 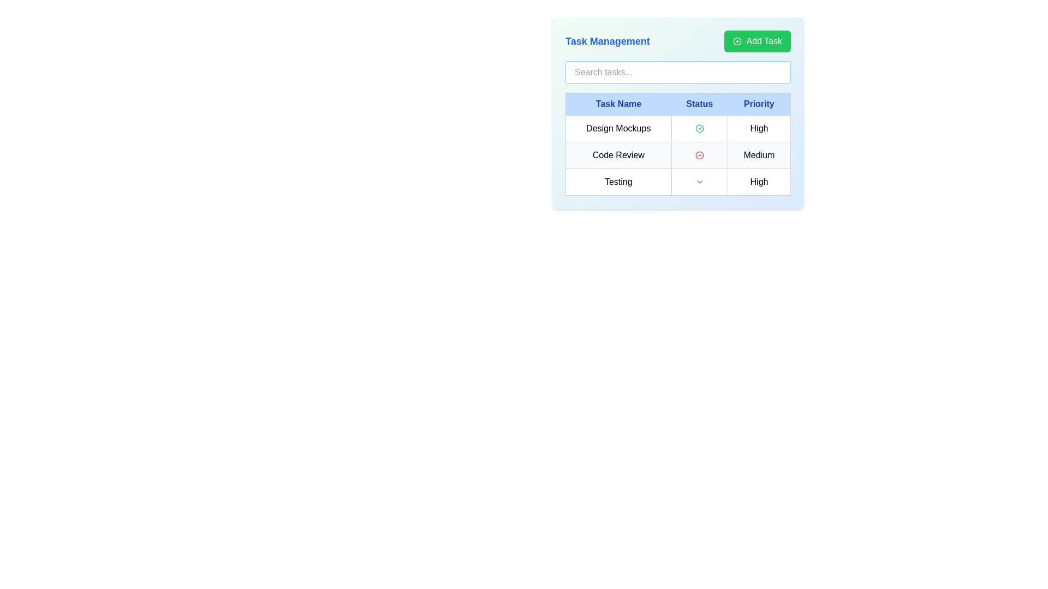 What do you see at coordinates (607, 41) in the screenshot?
I see `the bold blue text header that reads 'Task Management' located at the top-left area of the interface, adjacent to the 'Add Task' button` at bounding box center [607, 41].